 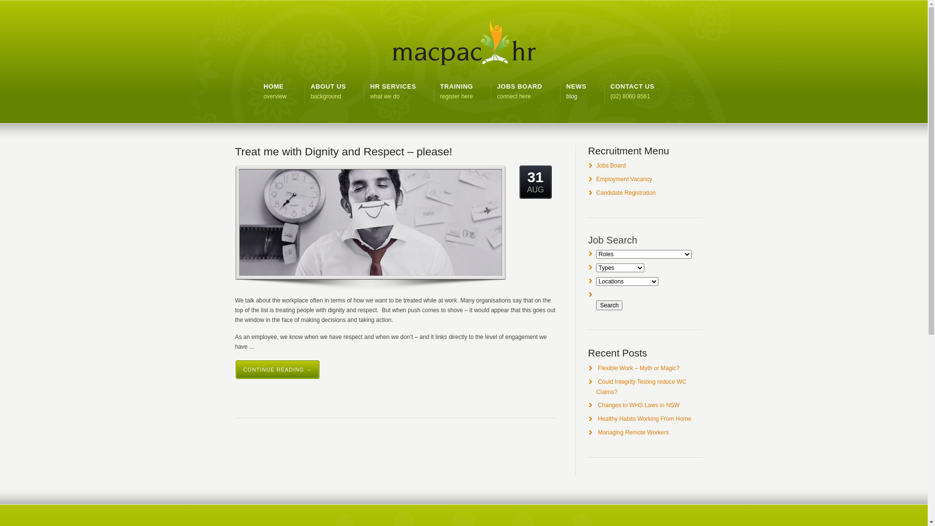 What do you see at coordinates (598, 405) in the screenshot?
I see `'Changes to WHS Laws in NSW'` at bounding box center [598, 405].